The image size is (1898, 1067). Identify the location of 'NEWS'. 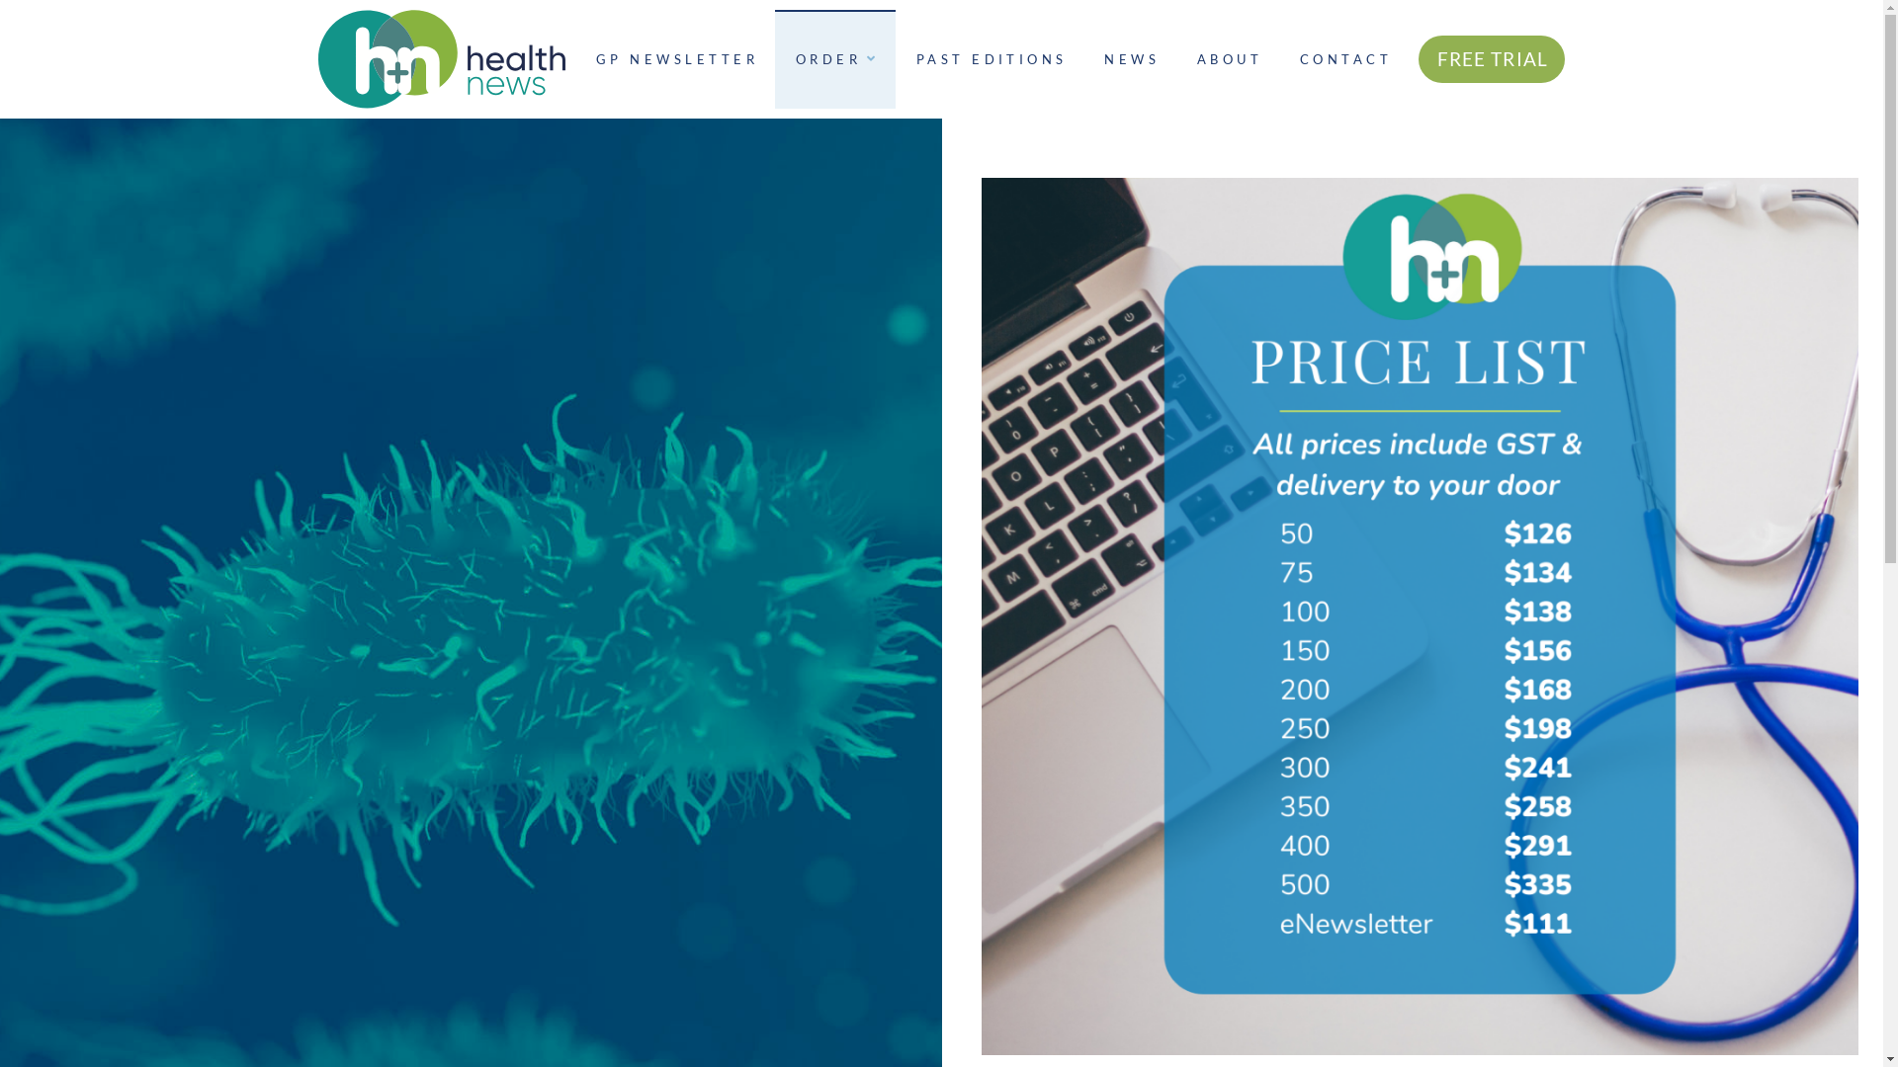
(1081, 58).